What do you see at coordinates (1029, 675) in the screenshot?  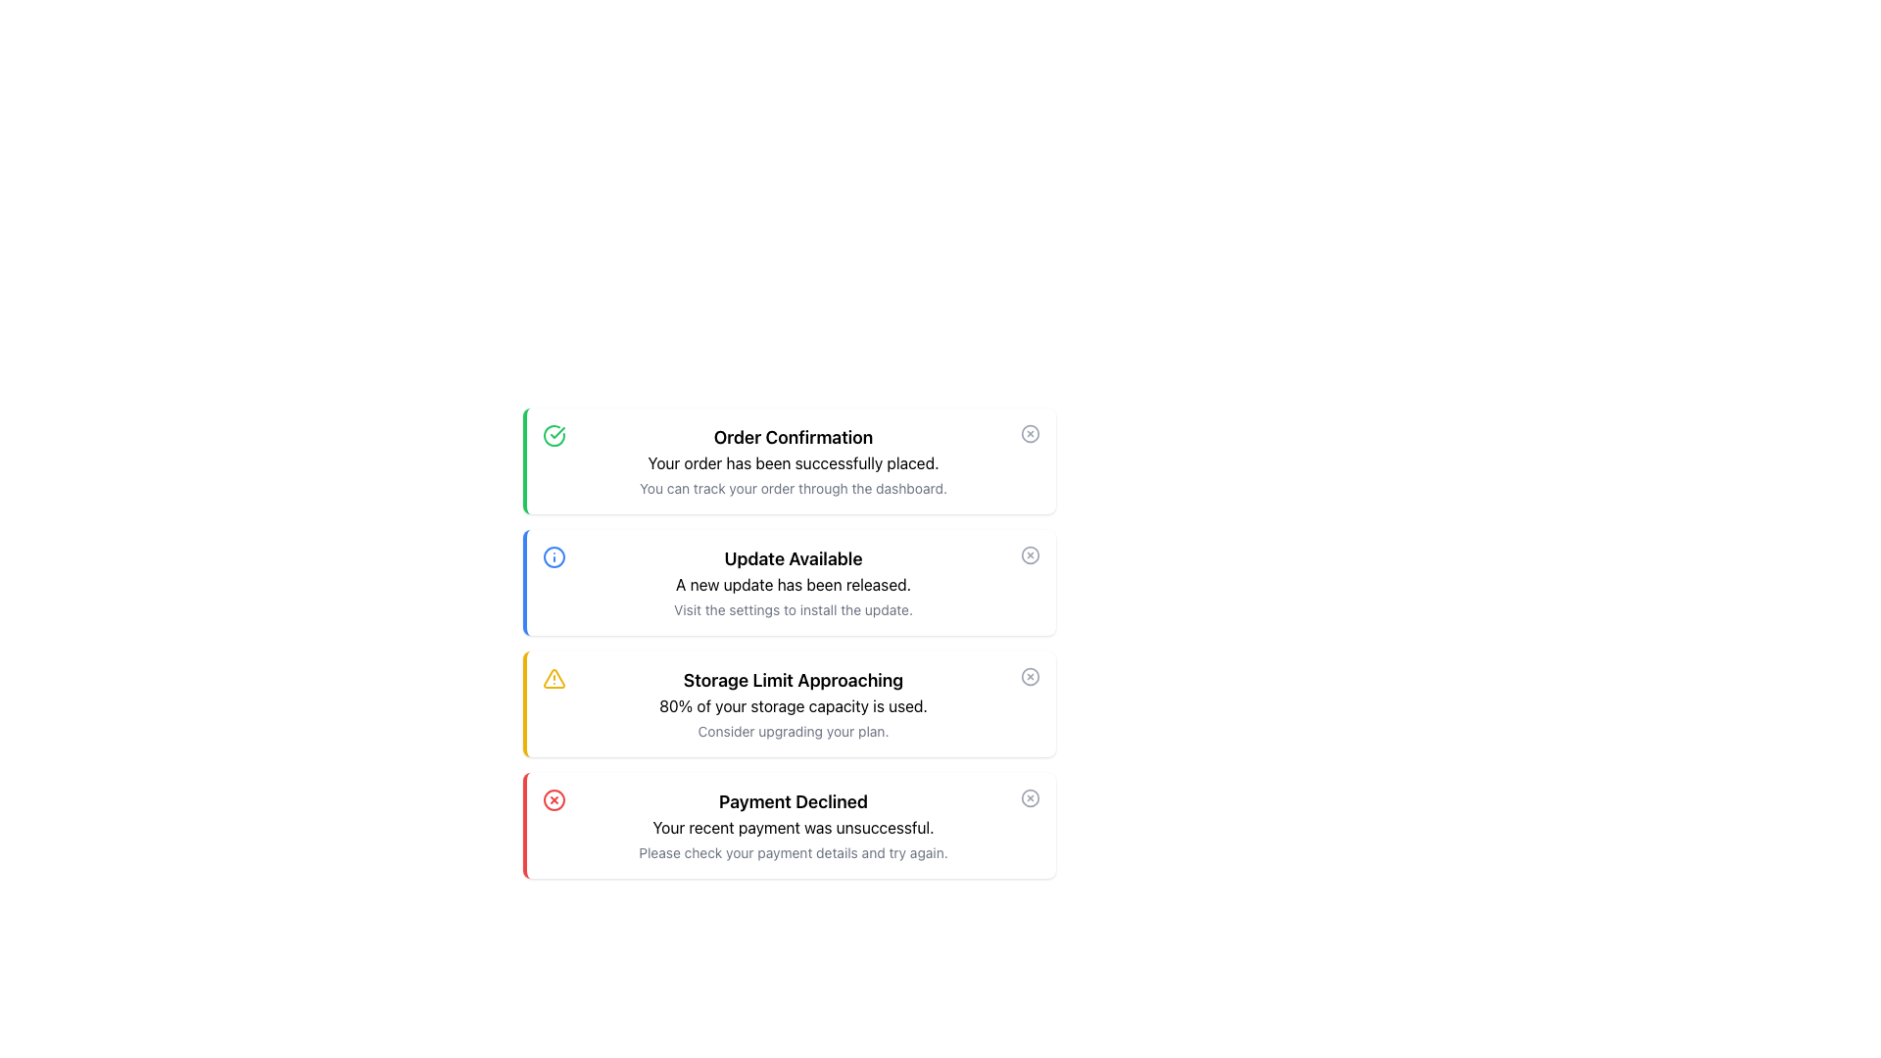 I see `the circular graphical icon located at the far-right end of the notification card that displays 'Storage Limit Approaching'` at bounding box center [1029, 675].